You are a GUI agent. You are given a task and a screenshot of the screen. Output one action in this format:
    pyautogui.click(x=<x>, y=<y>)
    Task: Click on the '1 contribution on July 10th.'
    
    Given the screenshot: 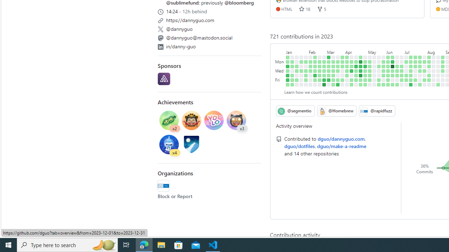 What is the action you would take?
    pyautogui.click(x=411, y=61)
    